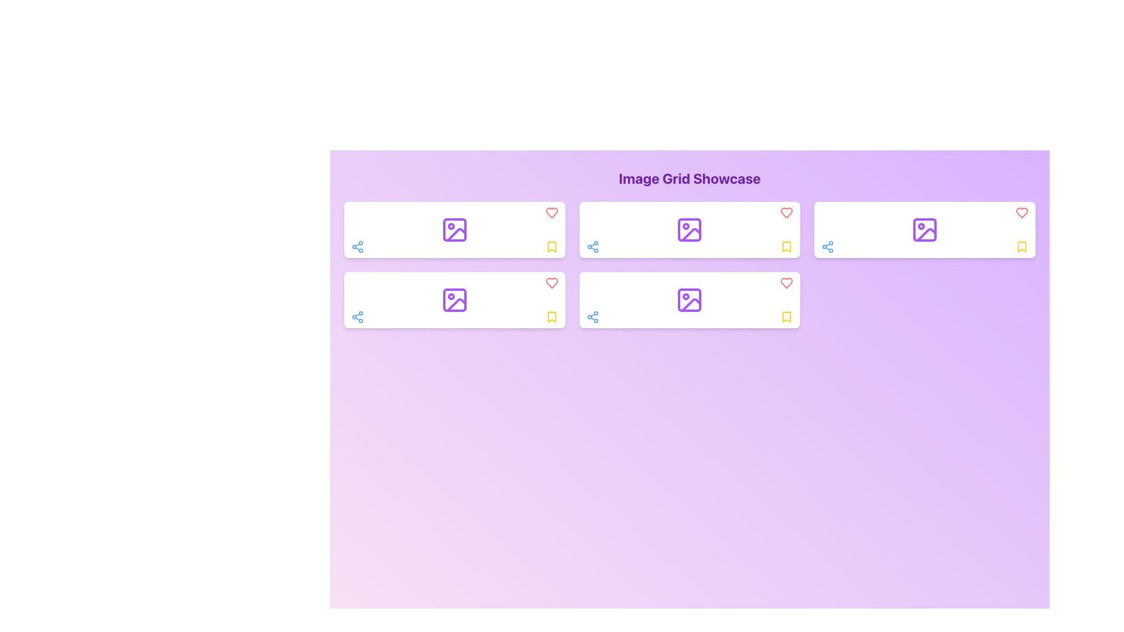 The image size is (1124, 632). I want to click on the purple photo icon with rounded corners that depicts a mountain and a circle, located in the top row of the 'Image Grid Showcase', so click(689, 230).